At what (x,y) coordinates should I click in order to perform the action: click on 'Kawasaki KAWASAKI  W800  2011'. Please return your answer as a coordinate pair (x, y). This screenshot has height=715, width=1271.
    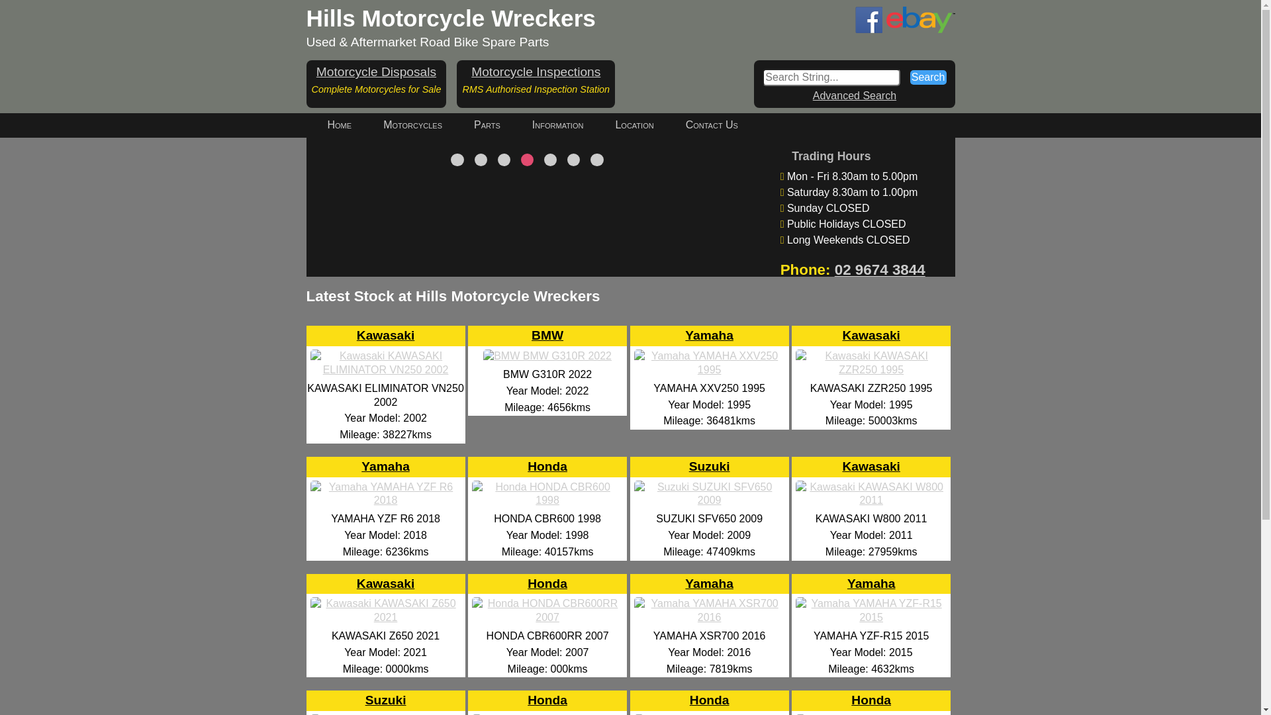
    Looking at the image, I should click on (871, 500).